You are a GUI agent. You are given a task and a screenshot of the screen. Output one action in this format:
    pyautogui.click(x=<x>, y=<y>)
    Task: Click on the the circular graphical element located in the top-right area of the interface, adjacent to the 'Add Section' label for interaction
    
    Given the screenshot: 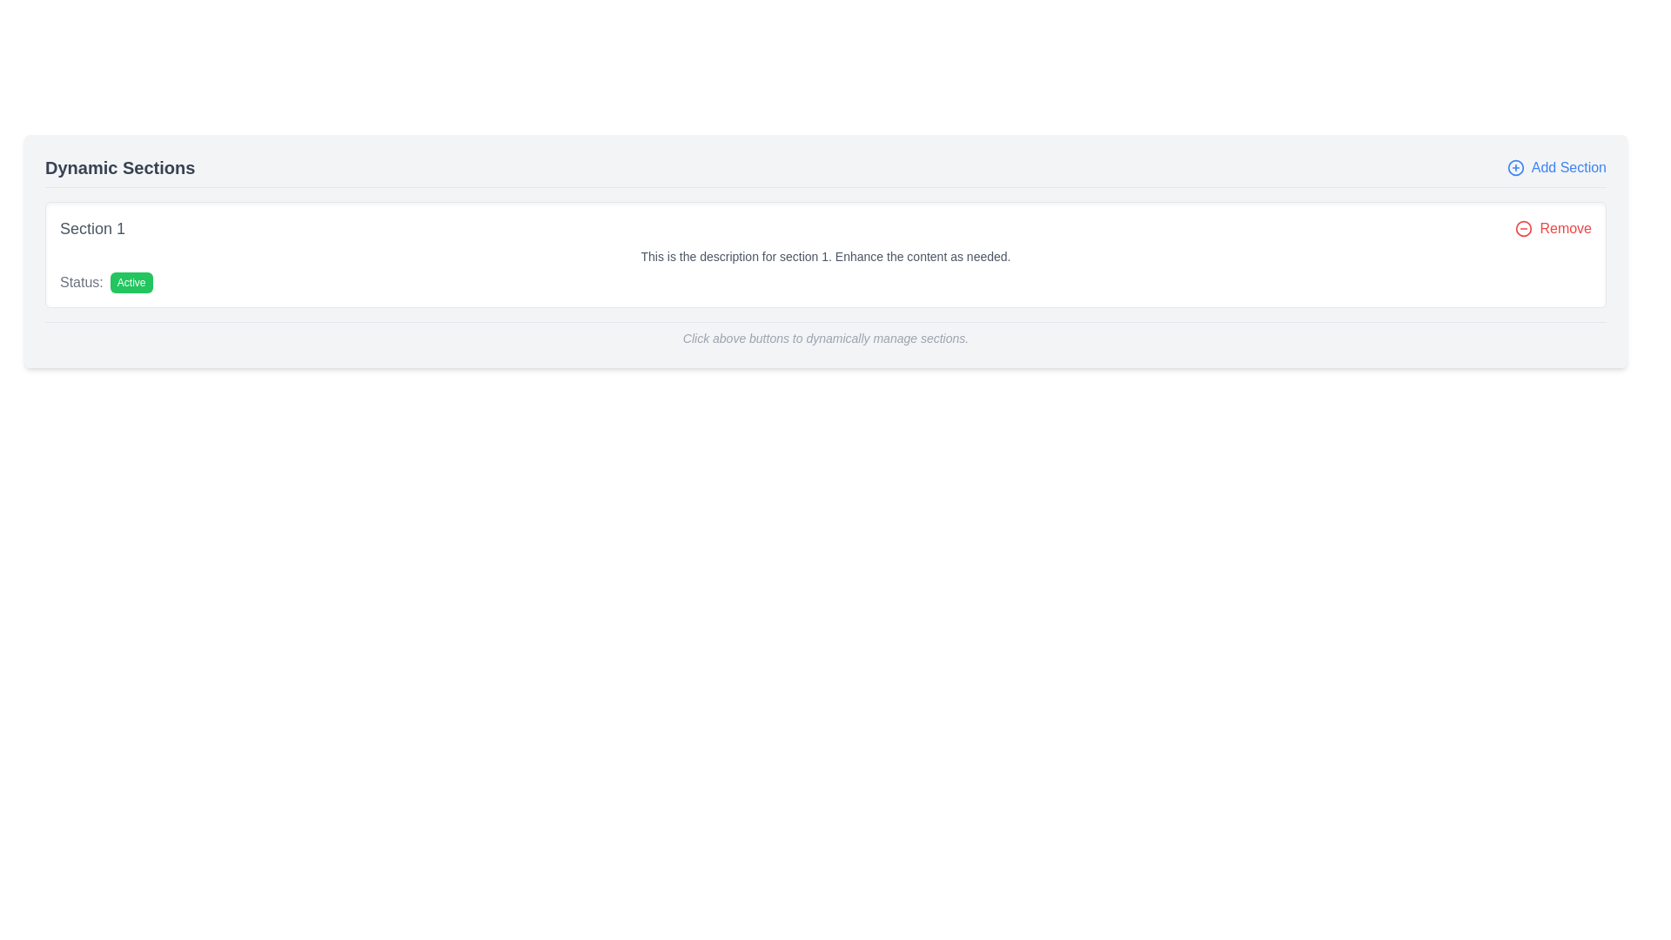 What is the action you would take?
    pyautogui.click(x=1514, y=167)
    